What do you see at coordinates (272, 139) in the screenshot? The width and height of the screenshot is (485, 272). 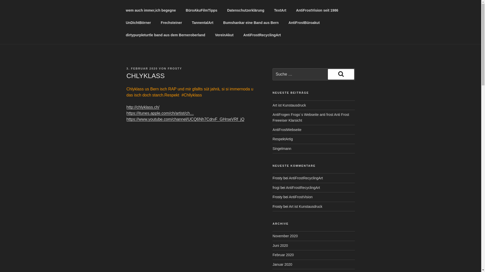 I see `'RespektArtig'` at bounding box center [272, 139].